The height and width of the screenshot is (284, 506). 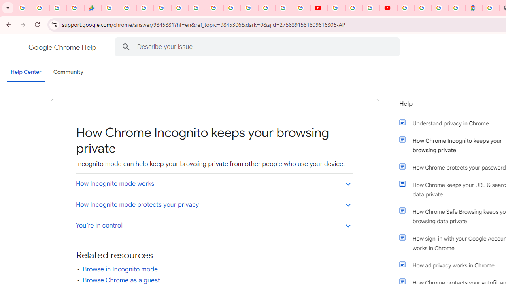 I want to click on 'Atour Hotel - Google hotels', so click(x=474, y=8).